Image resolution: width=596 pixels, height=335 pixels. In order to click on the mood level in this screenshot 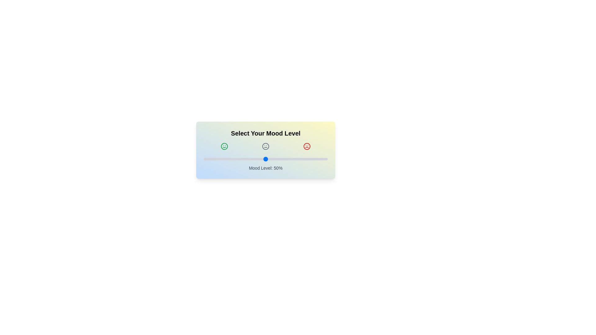, I will do `click(277, 159)`.